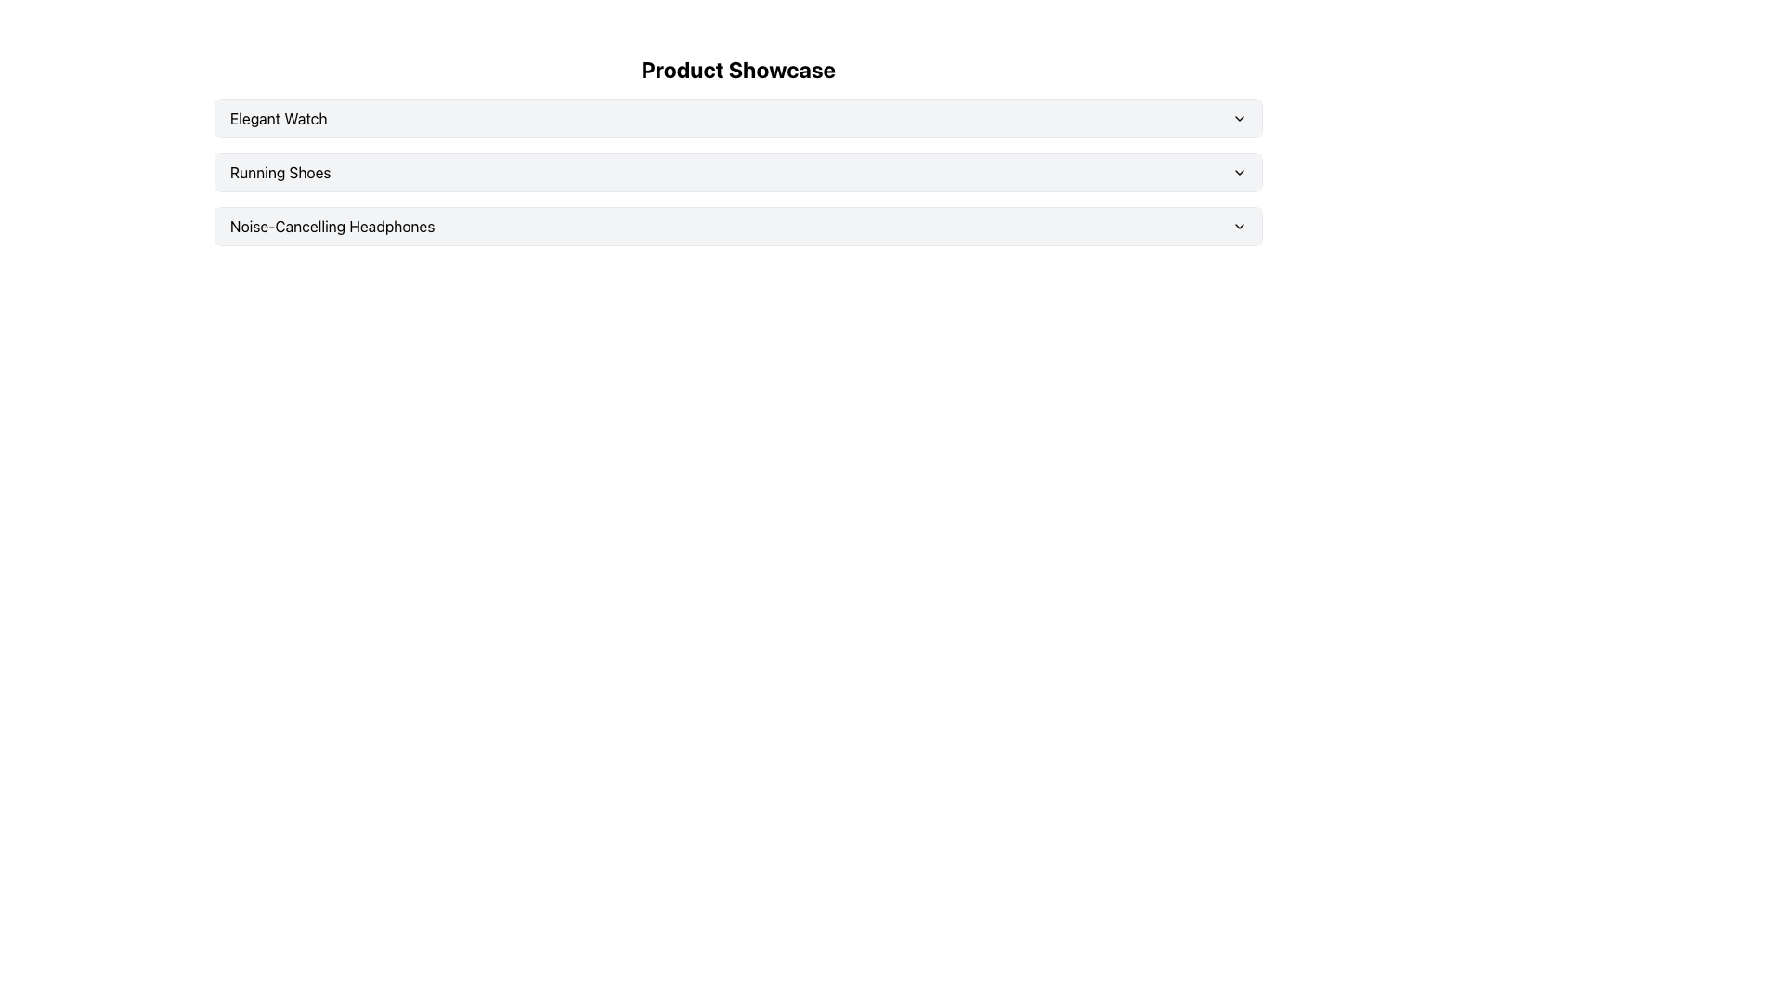  Describe the element at coordinates (1239, 225) in the screenshot. I see `the dropdown indicator icon located at the far right of the third row labeled 'Noise-Cancelling Headphones'` at that location.